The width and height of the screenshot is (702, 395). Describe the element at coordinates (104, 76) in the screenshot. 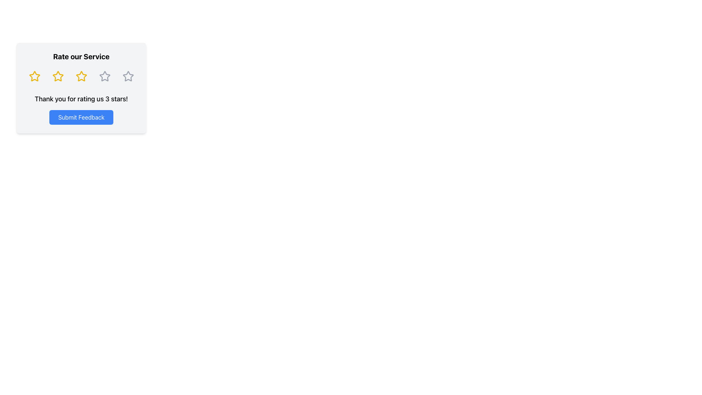

I see `the fourth star` at that location.